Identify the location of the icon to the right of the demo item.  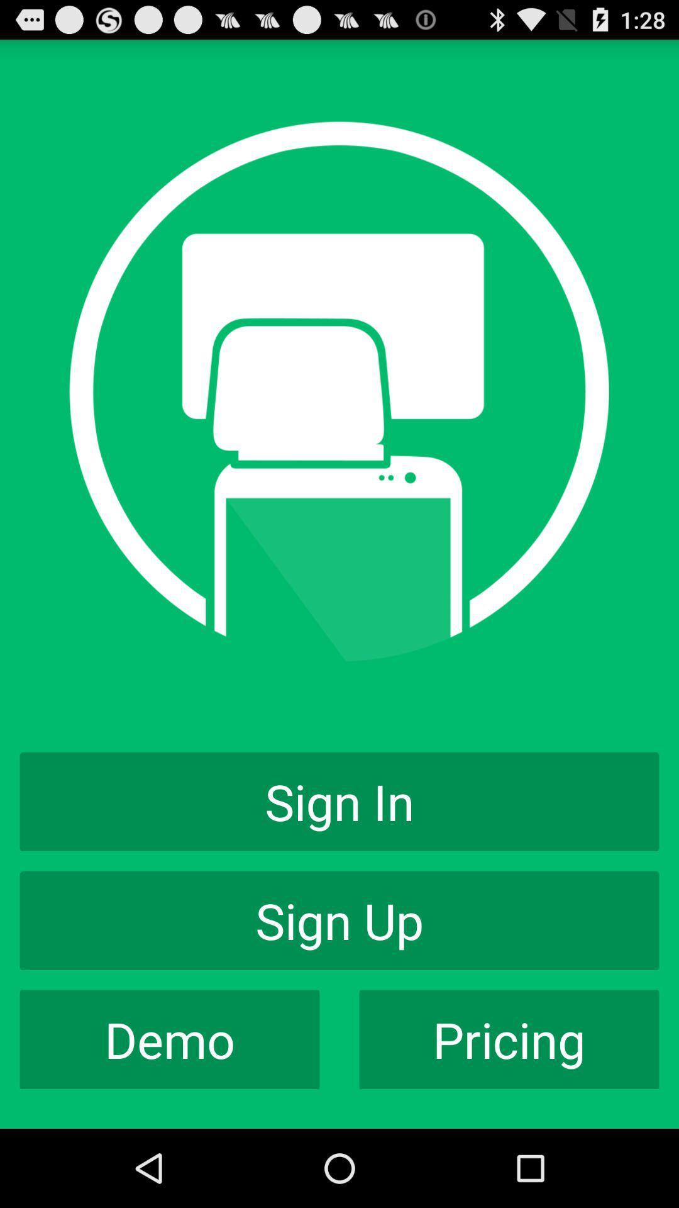
(509, 1039).